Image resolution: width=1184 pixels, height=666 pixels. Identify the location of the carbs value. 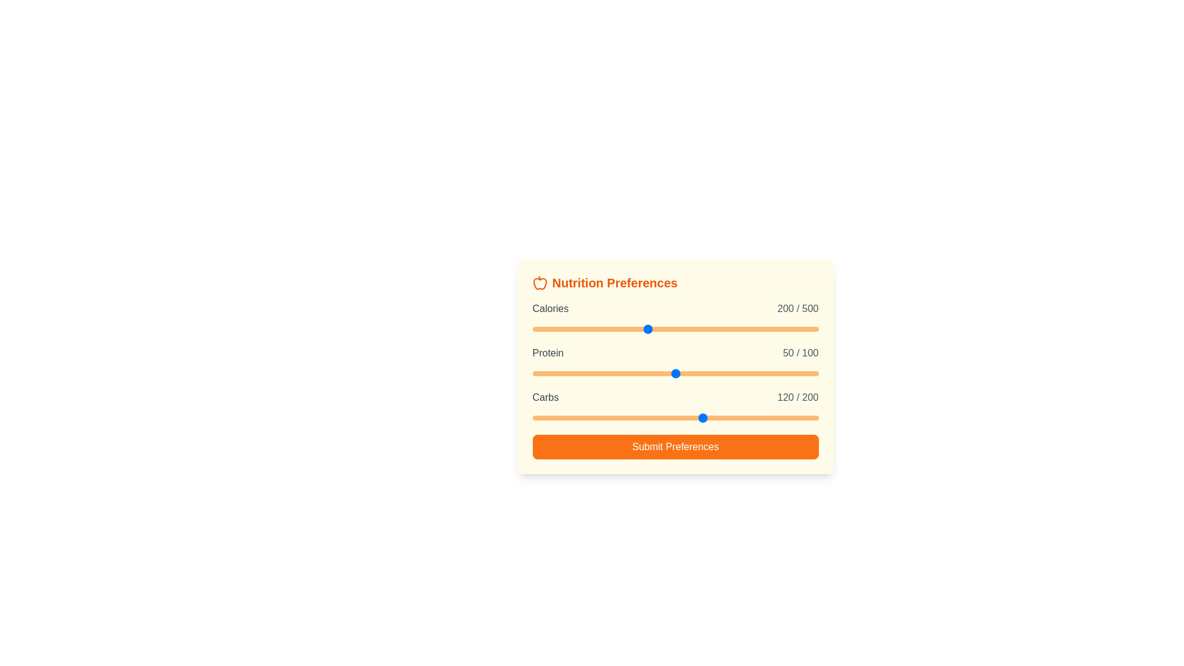
(643, 417).